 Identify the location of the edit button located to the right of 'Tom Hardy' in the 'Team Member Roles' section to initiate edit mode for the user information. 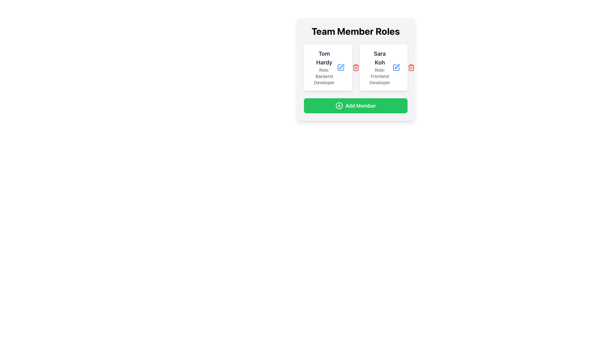
(340, 68).